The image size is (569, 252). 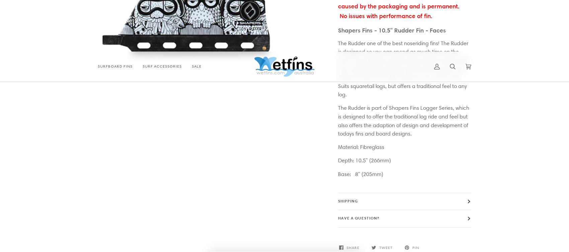 I want to click on 'FCS Fins', so click(x=202, y=131).